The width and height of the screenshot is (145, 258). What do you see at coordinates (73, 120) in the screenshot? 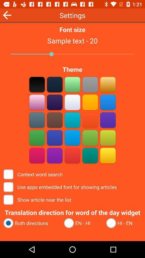
I see `color` at bounding box center [73, 120].